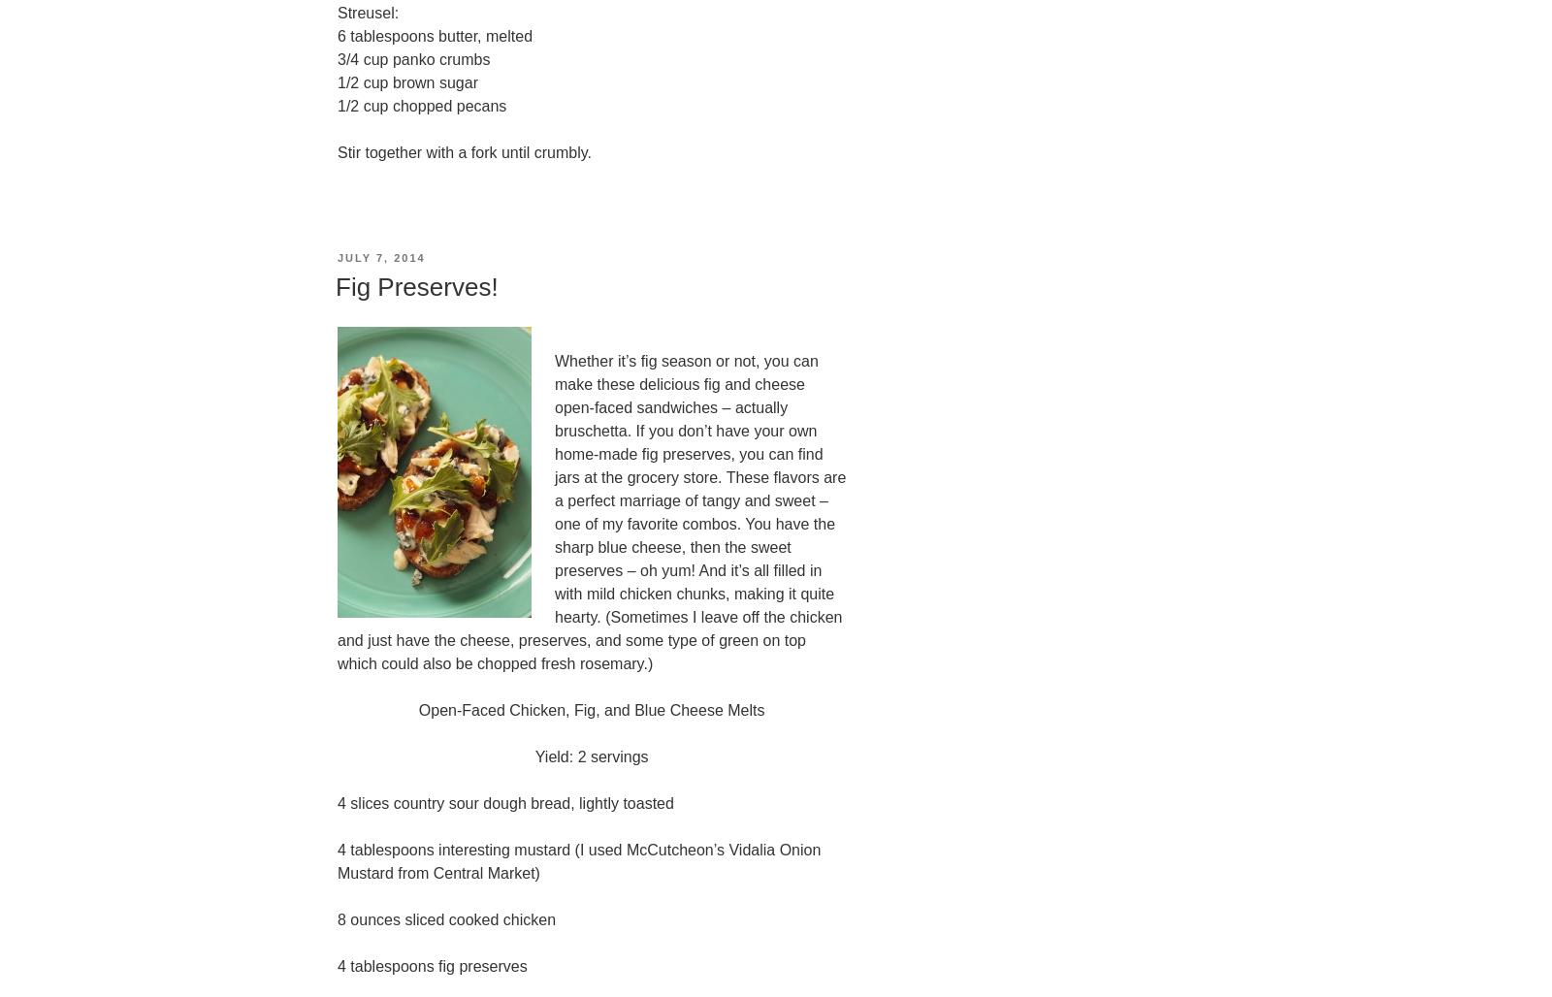 This screenshot has height=997, width=1552. I want to click on 'Open-Faced Chicken, Fig, and Blue Cheese Melts', so click(591, 708).